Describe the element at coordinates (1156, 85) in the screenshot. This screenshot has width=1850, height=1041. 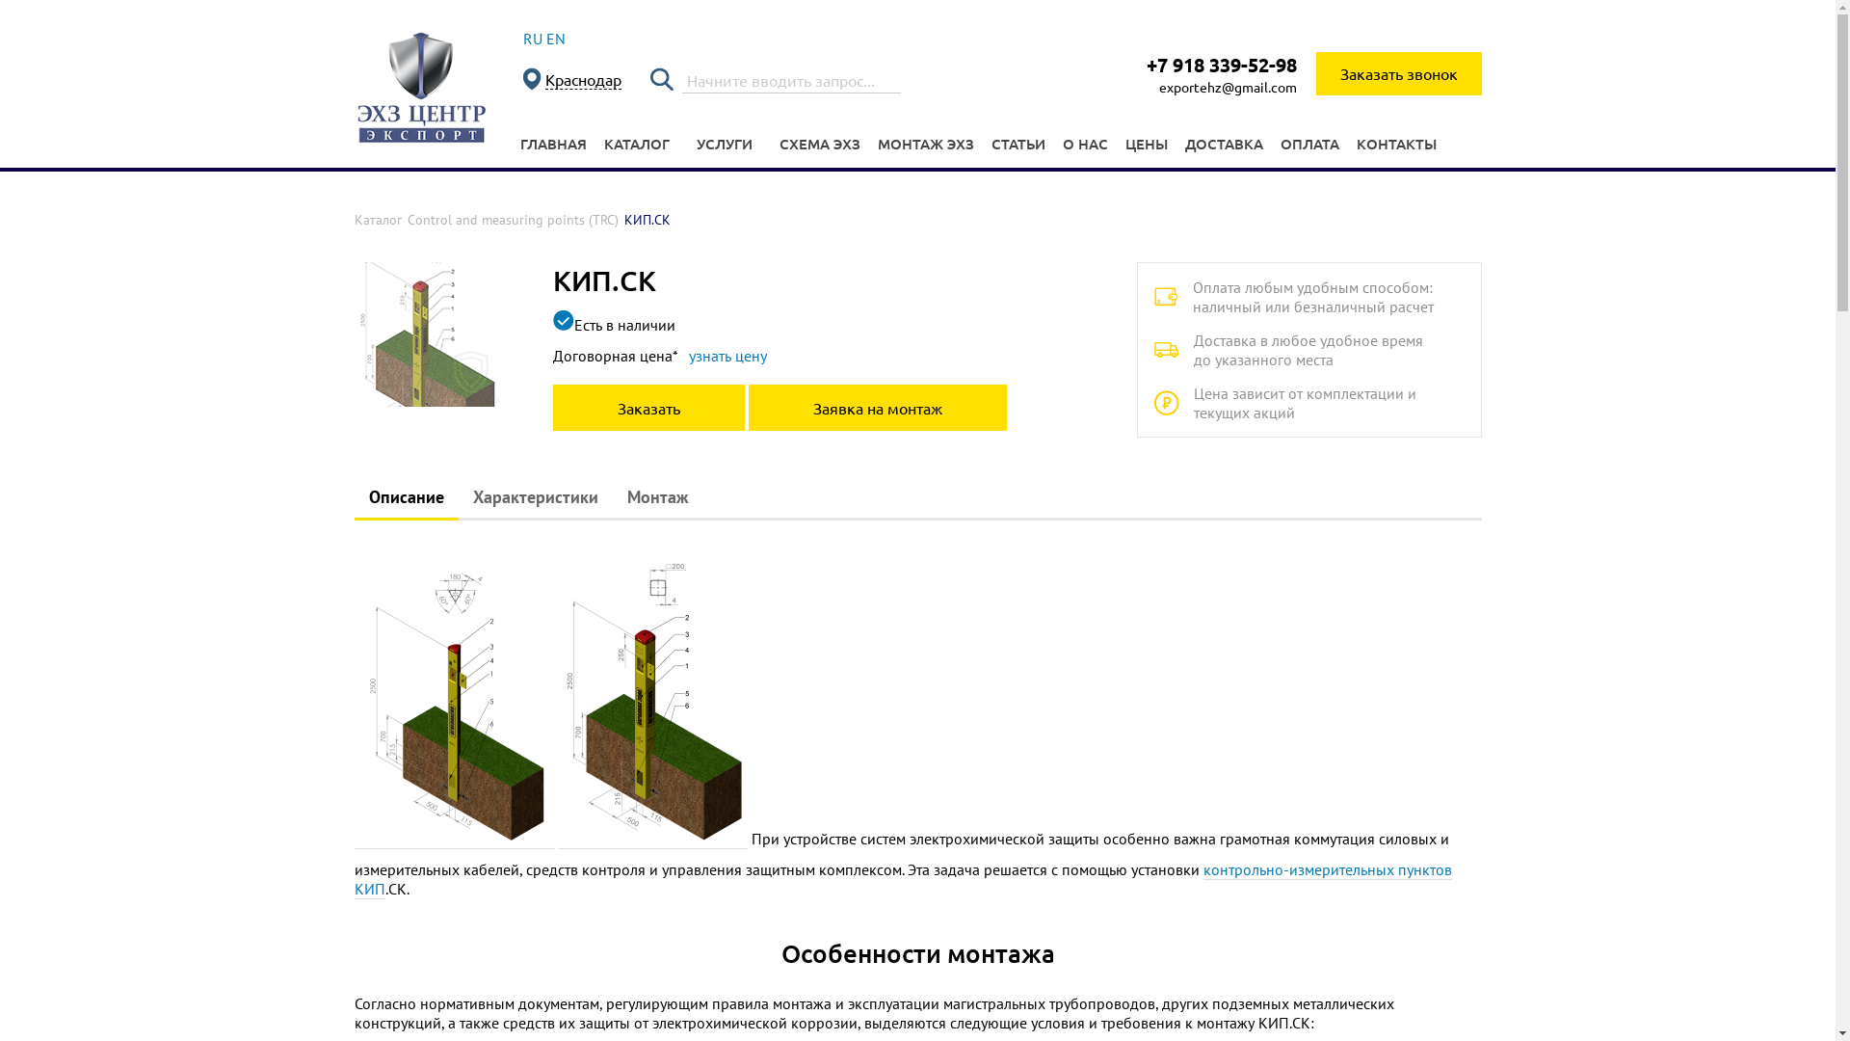
I see `'exportehz@gmail.com'` at that location.